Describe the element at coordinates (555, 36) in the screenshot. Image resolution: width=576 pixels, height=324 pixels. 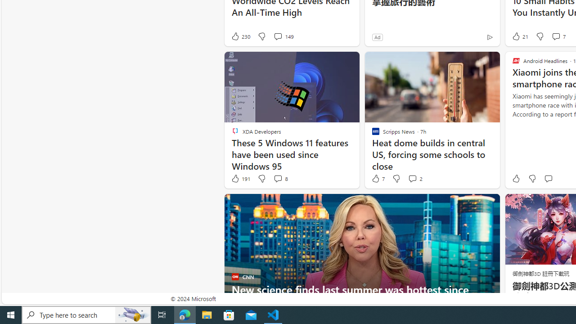
I see `'View comments 7 Comment'` at that location.